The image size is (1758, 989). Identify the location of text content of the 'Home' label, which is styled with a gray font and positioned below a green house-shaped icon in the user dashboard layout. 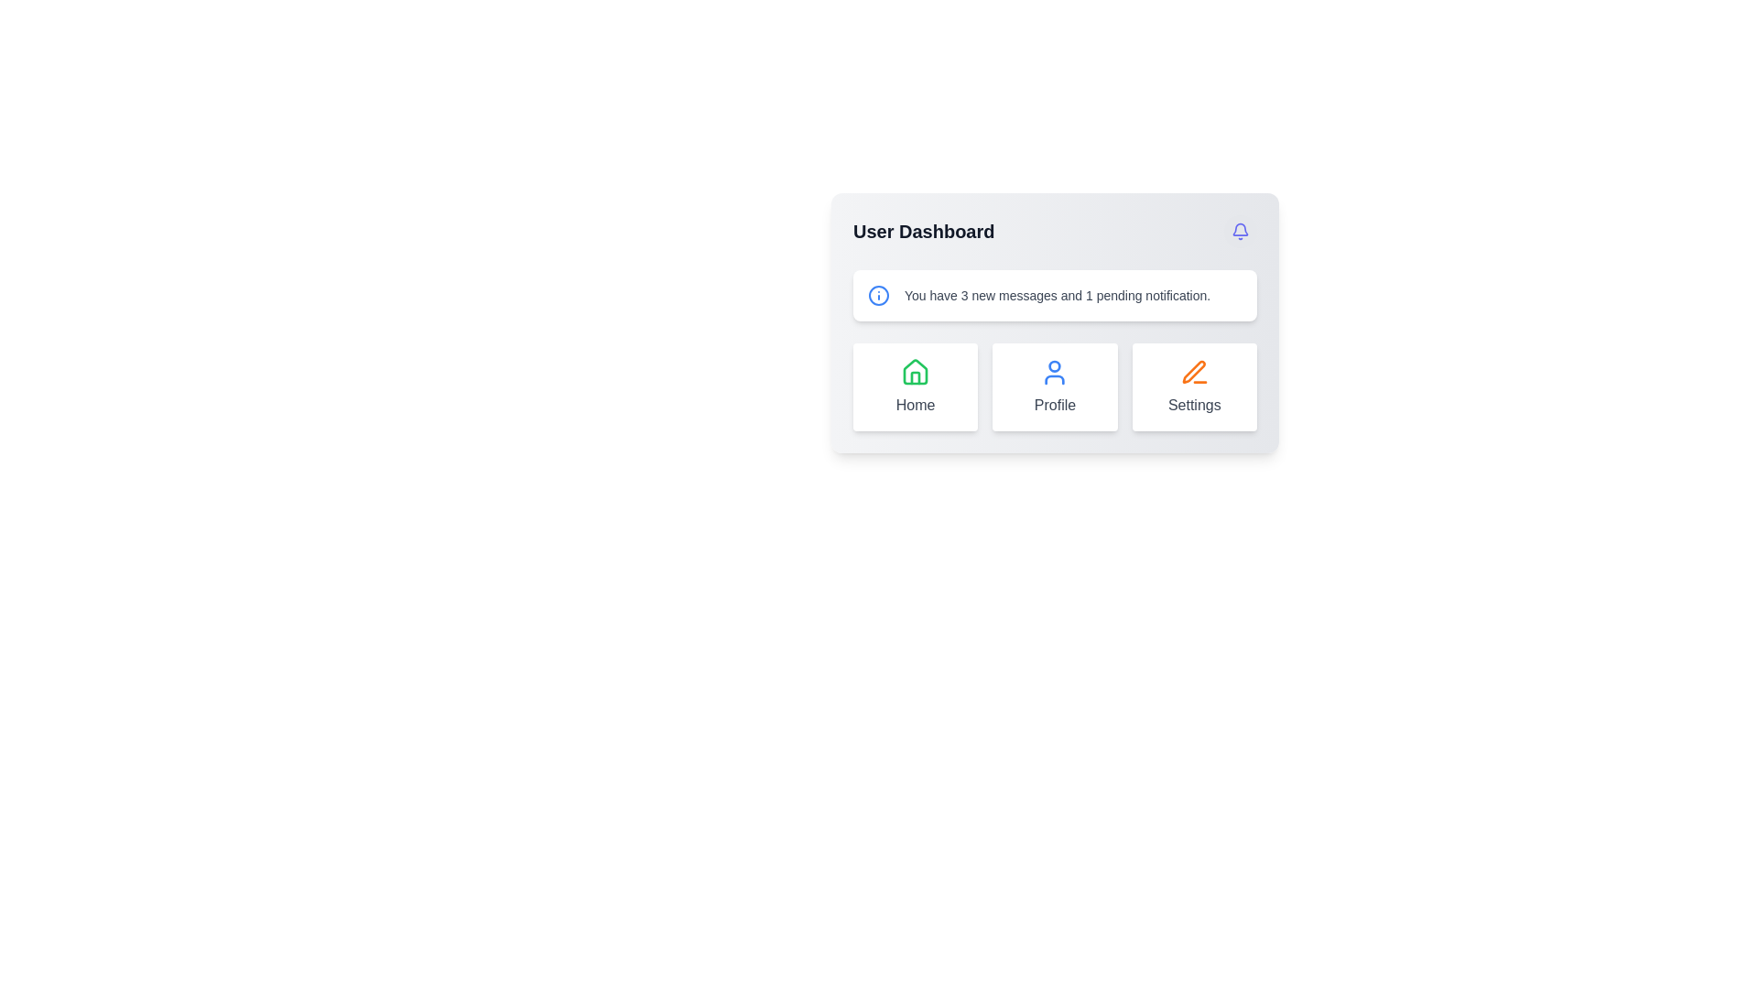
(916, 405).